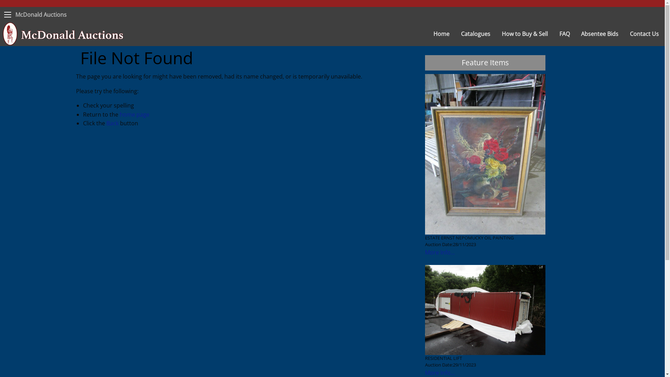 This screenshot has width=670, height=377. I want to click on 'How to Buy & Sell', so click(525, 34).